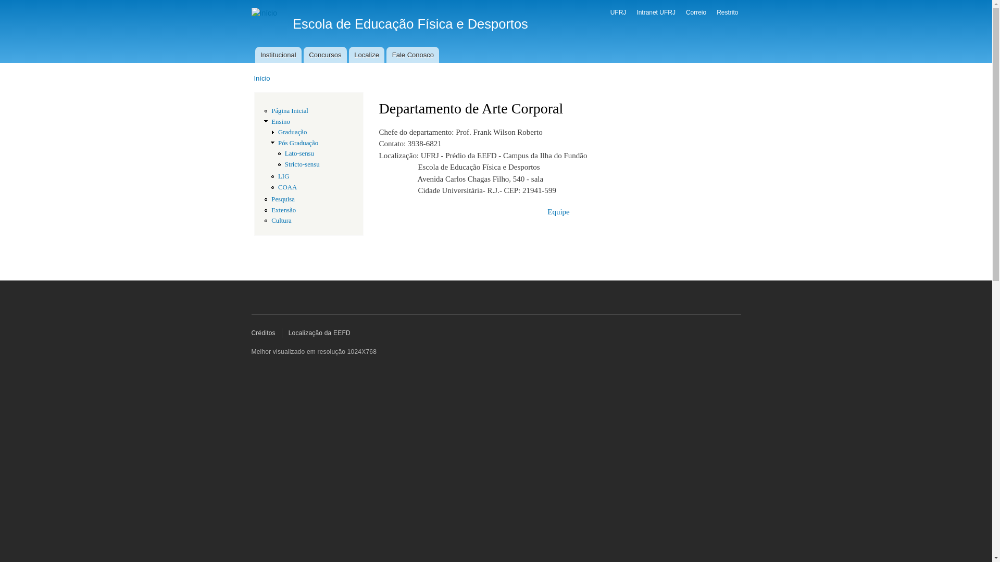  I want to click on 'Intranet UFRJ', so click(655, 12).